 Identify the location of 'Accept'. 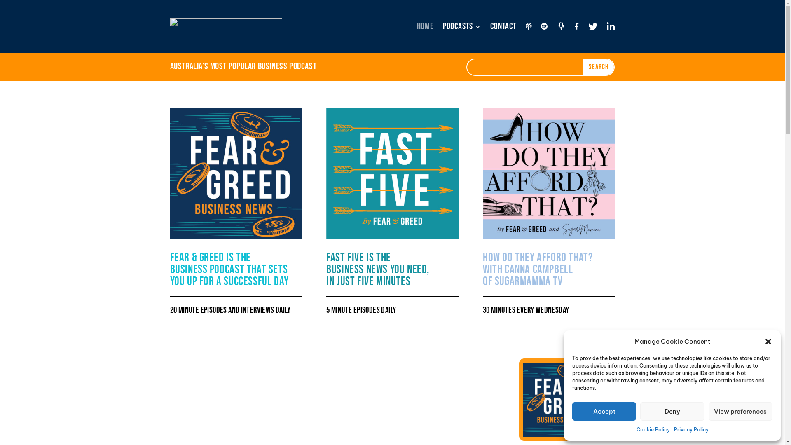
(571, 411).